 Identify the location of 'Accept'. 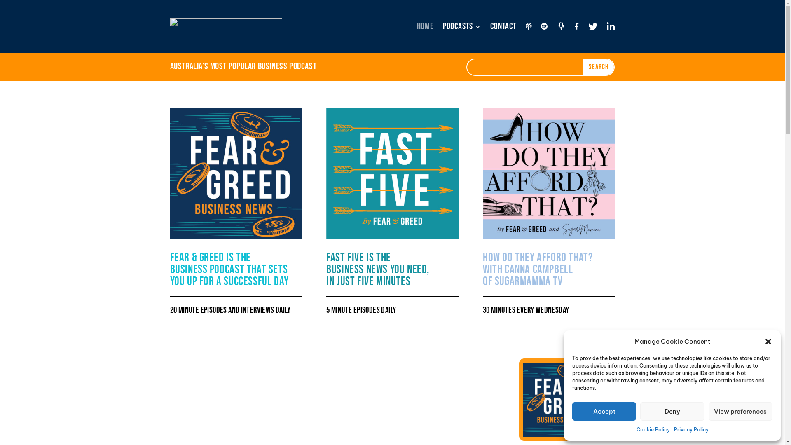
(571, 411).